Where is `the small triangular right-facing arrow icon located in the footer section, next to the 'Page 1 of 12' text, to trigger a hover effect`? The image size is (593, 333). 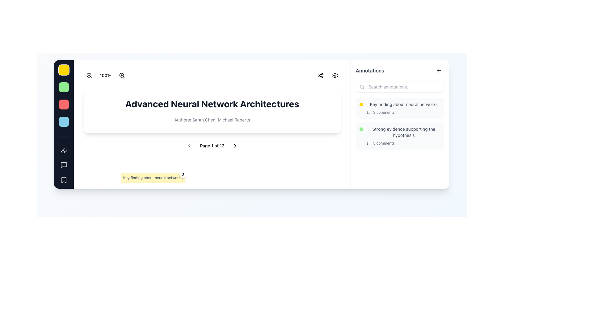
the small triangular right-facing arrow icon located in the footer section, next to the 'Page 1 of 12' text, to trigger a hover effect is located at coordinates (234, 146).